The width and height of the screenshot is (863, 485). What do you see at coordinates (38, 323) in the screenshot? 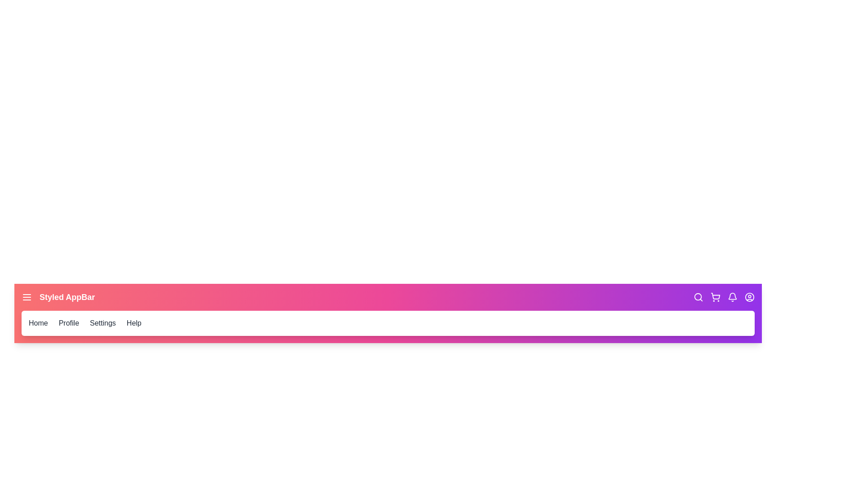
I see `the navigation option Home from the menu` at bounding box center [38, 323].